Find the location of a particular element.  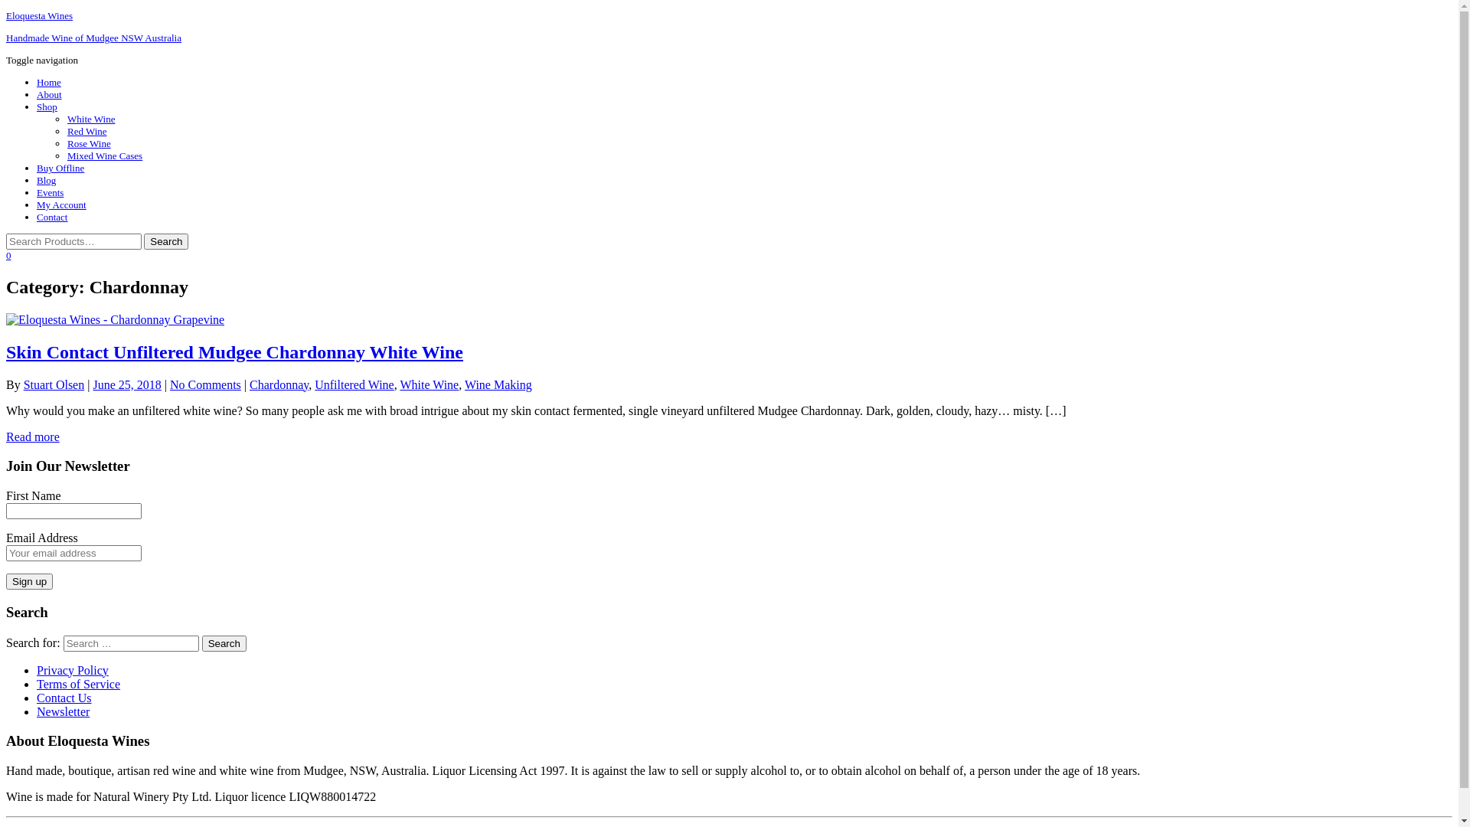

'Contact Us' is located at coordinates (37, 697).